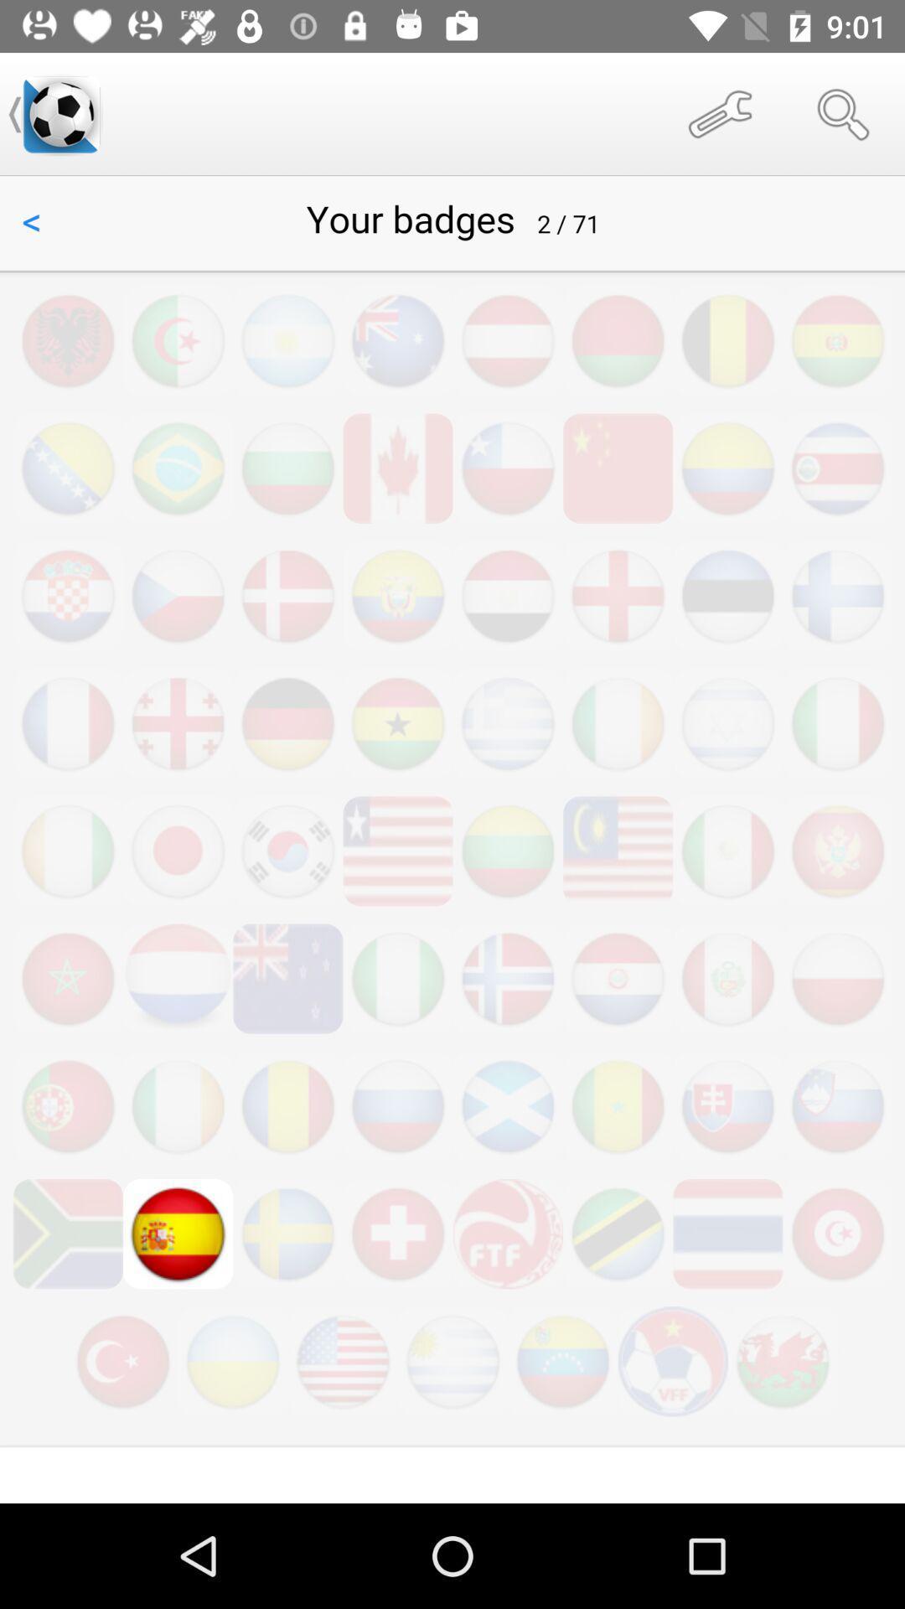 This screenshot has width=905, height=1609. What do you see at coordinates (452, 840) in the screenshot?
I see `badge` at bounding box center [452, 840].